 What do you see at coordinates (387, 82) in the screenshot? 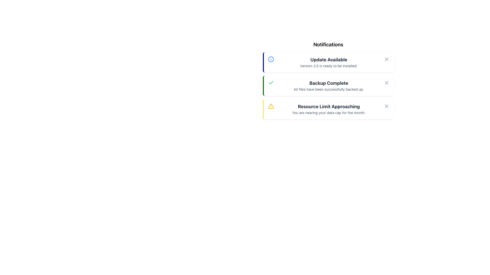
I see `the close icon button located in the middle-right of the 'Backup Complete' notification panel` at bounding box center [387, 82].